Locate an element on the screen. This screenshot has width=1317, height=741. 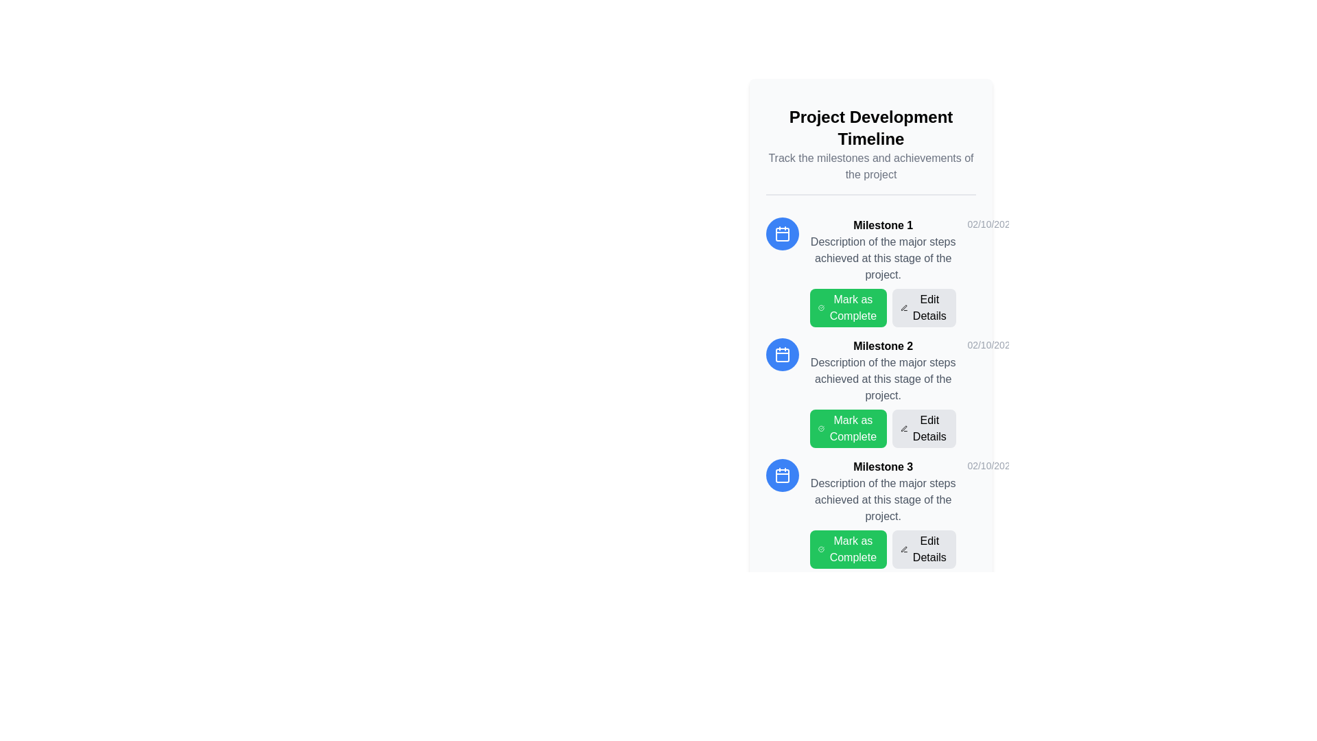
the Icon Button that visually indicates Milestone 2 in the timeline, located to the left of the 'Milestone 2' title is located at coordinates (783, 353).